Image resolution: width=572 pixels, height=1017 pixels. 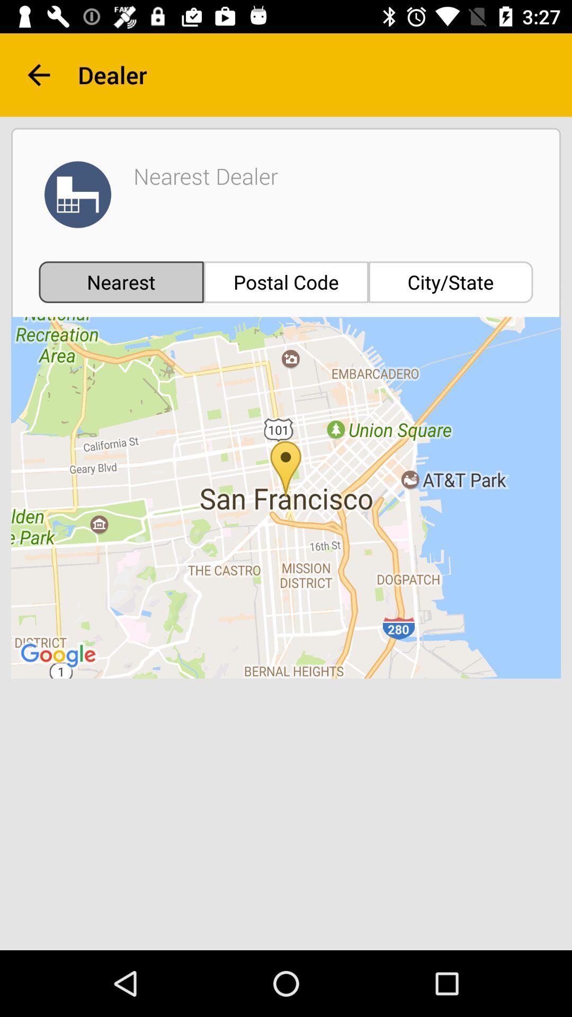 What do you see at coordinates (286, 282) in the screenshot?
I see `the postal code icon` at bounding box center [286, 282].